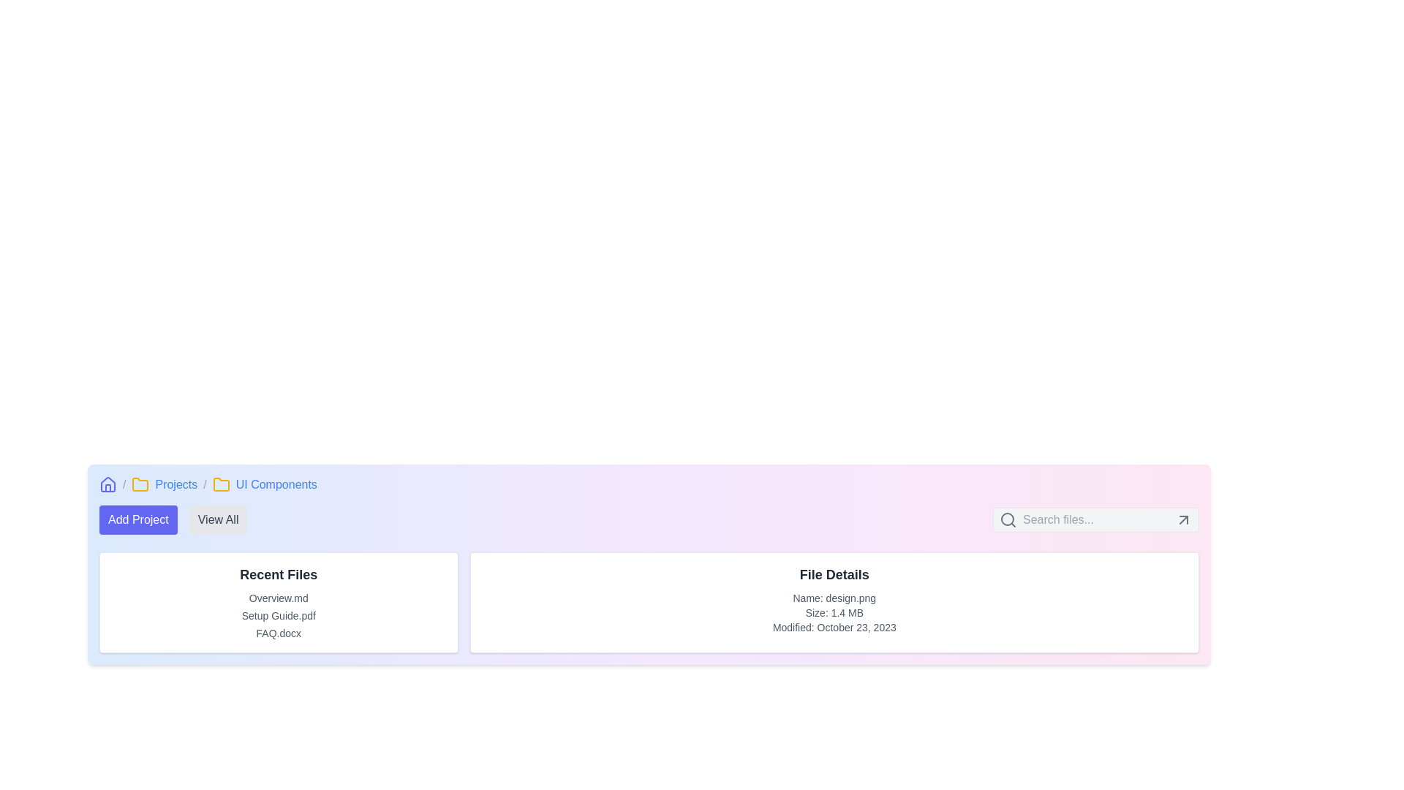 This screenshot has height=790, width=1404. I want to click on the second text line labeled 'Setup Guide.pdf' in the 'Recent Files' section, so click(279, 615).